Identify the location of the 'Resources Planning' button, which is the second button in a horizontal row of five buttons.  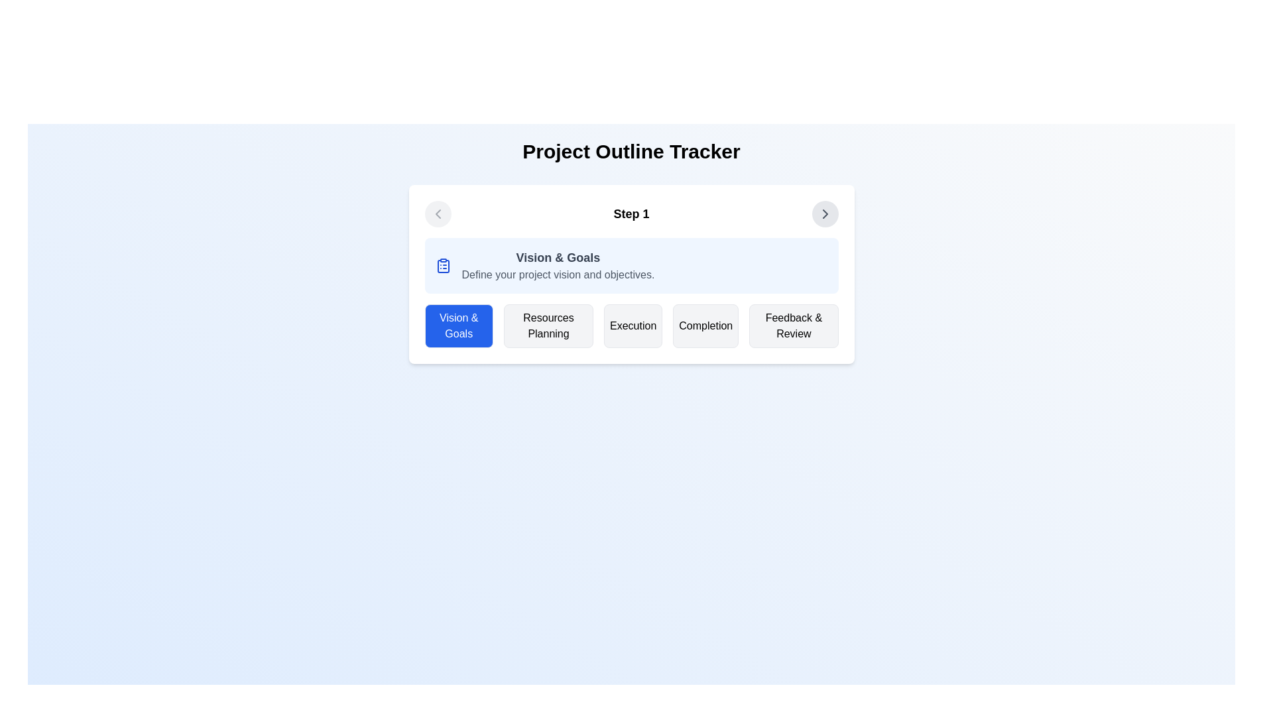
(548, 326).